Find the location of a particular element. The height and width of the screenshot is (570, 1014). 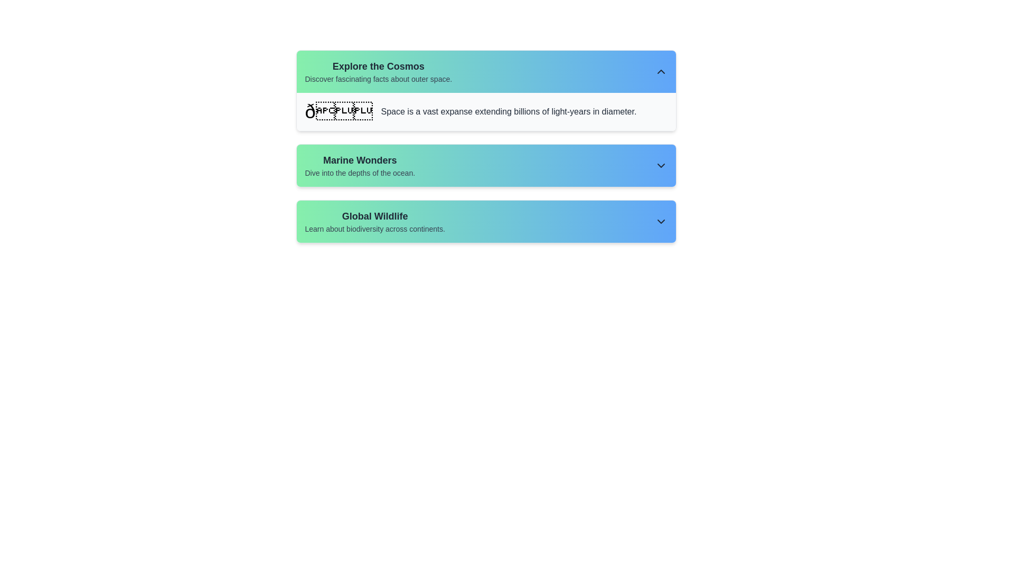

the text element displaying 'Space is a vast expanse extending billions of light-years in diameter' is located at coordinates (509, 112).